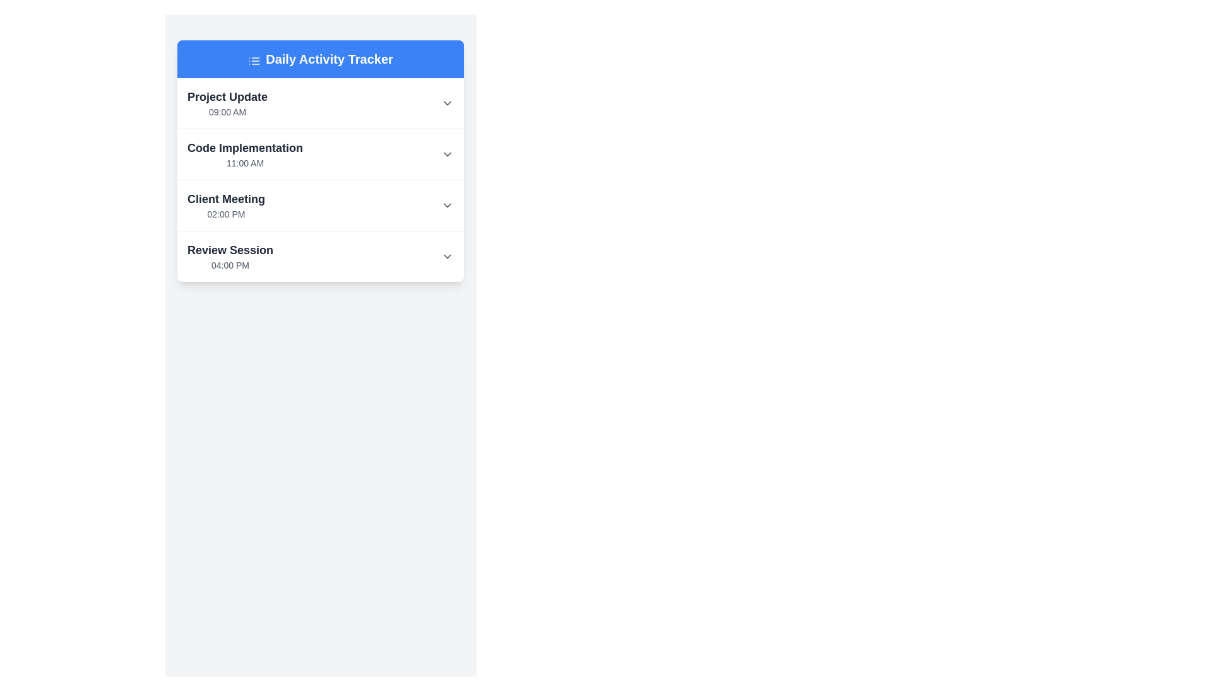  Describe the element at coordinates (227, 103) in the screenshot. I see `the text item titled 'Project Update' which displays '09:00 AM' beneath it in the Daily Activity Tracker list` at that location.